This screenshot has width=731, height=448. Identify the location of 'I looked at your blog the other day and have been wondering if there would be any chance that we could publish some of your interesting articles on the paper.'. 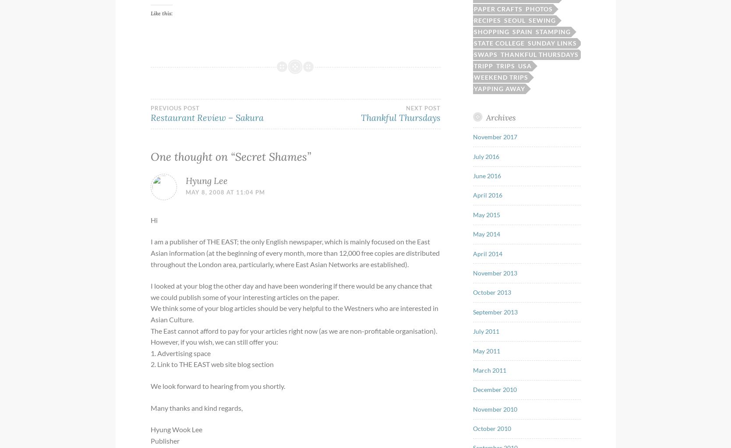
(291, 291).